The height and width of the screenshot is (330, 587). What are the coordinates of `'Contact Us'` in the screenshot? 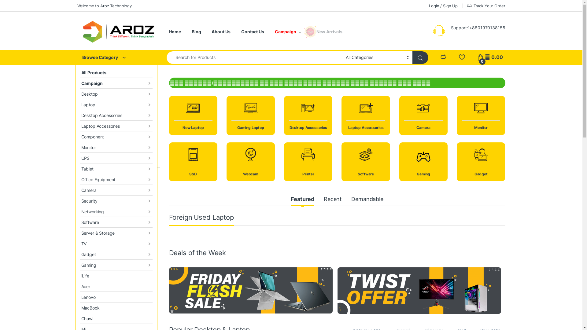 It's located at (253, 32).